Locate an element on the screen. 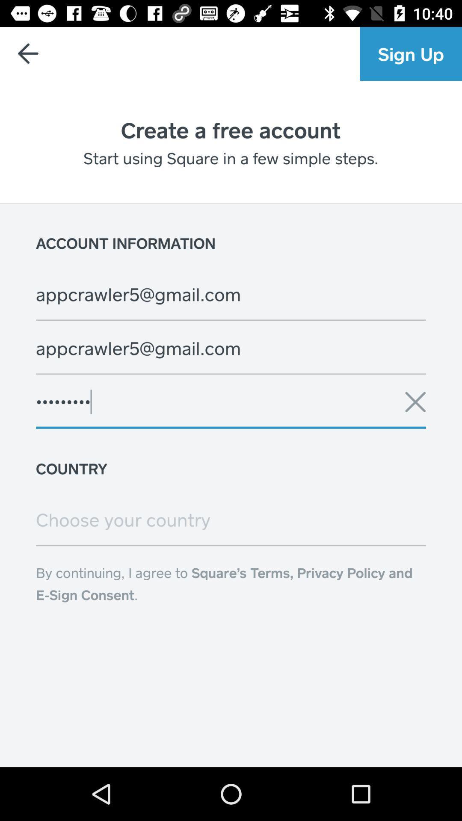 The width and height of the screenshot is (462, 821). type your country is located at coordinates (231, 519).